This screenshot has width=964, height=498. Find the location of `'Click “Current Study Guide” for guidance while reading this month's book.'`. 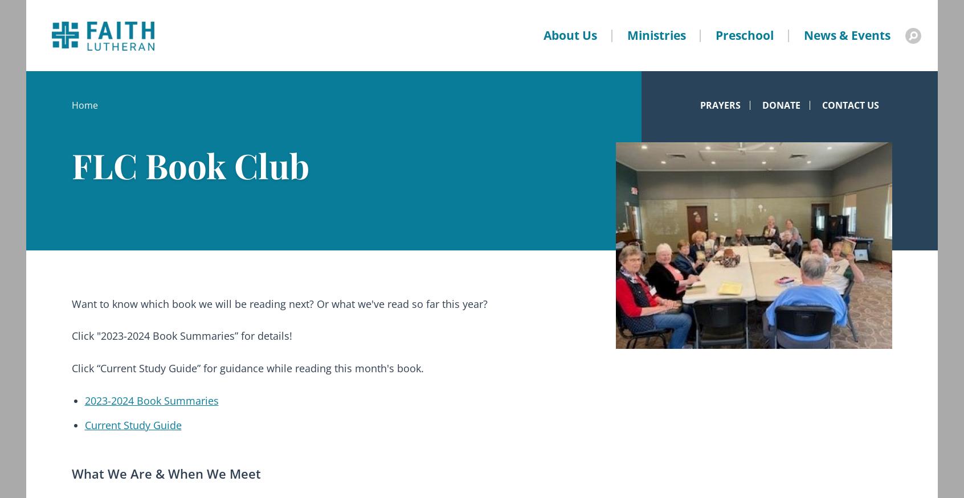

'Click “Current Study Guide” for guidance while reading this month's book.' is located at coordinates (247, 367).